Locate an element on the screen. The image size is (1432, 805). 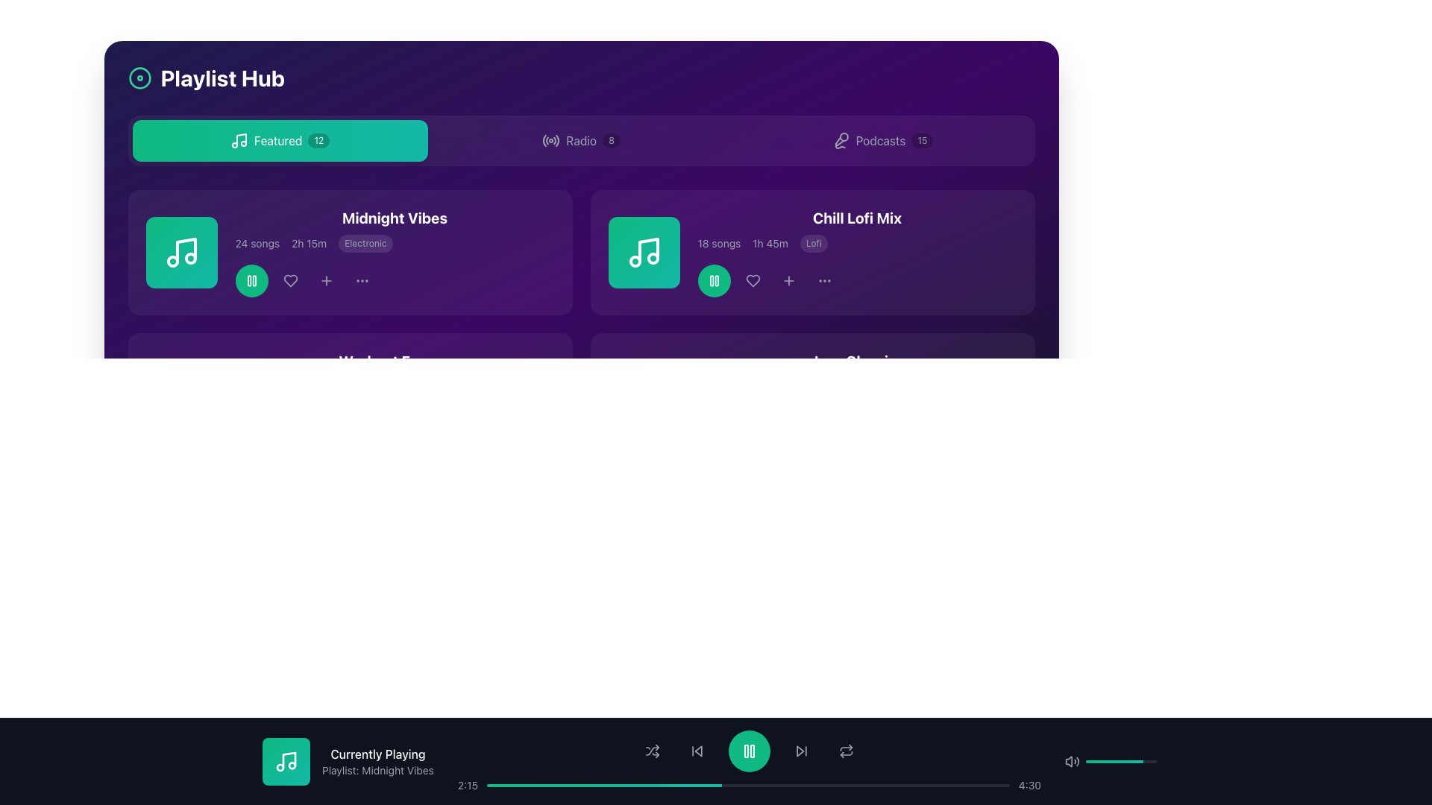
the first button in the horizontal navigation bar is located at coordinates (280, 141).